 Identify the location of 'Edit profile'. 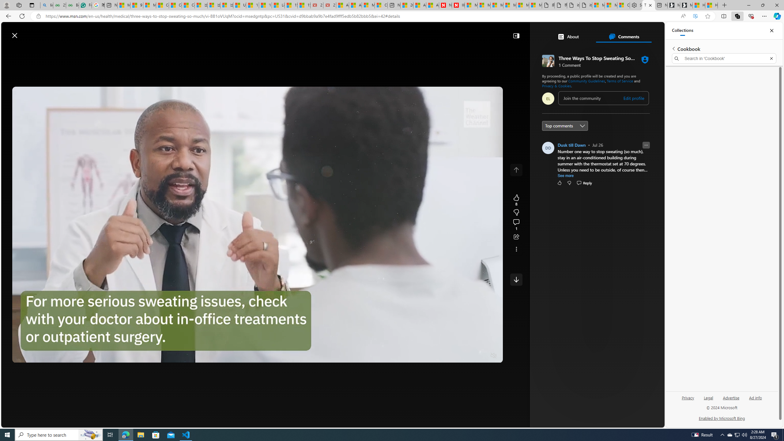
(633, 98).